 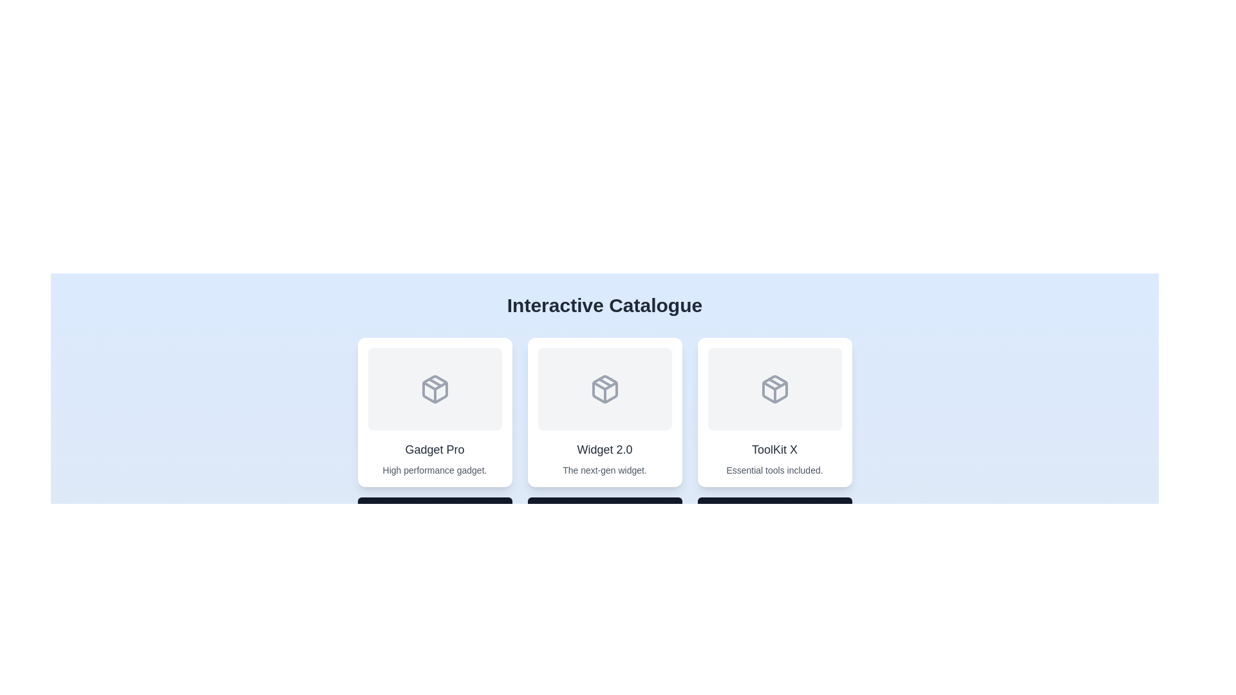 I want to click on the package icon within the card component of 'ToolKit X', which is the third card in a horizontal row, that has a light gray background and rounded corners, so click(x=774, y=389).